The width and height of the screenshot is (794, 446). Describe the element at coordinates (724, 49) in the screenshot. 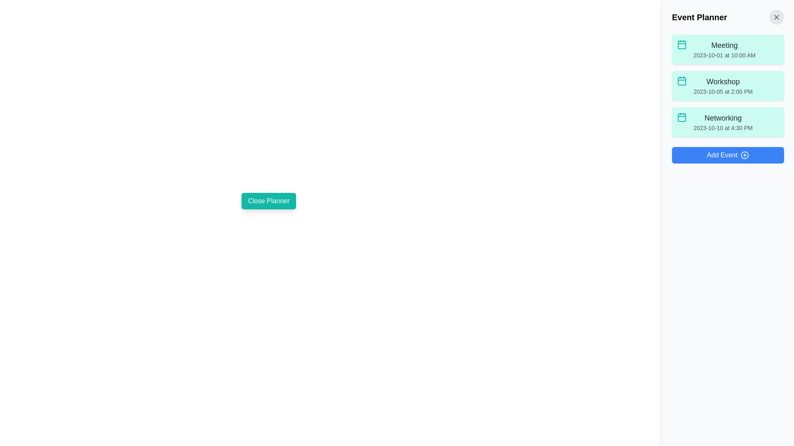

I see `the event text display labeled 'Meeting'` at that location.